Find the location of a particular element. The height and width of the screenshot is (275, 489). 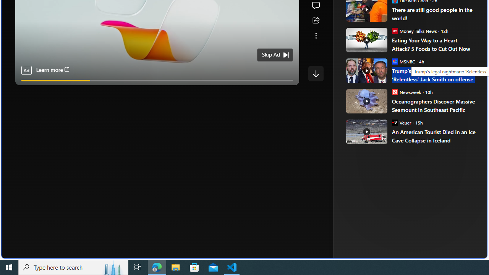

'Share this story' is located at coordinates (316, 20).